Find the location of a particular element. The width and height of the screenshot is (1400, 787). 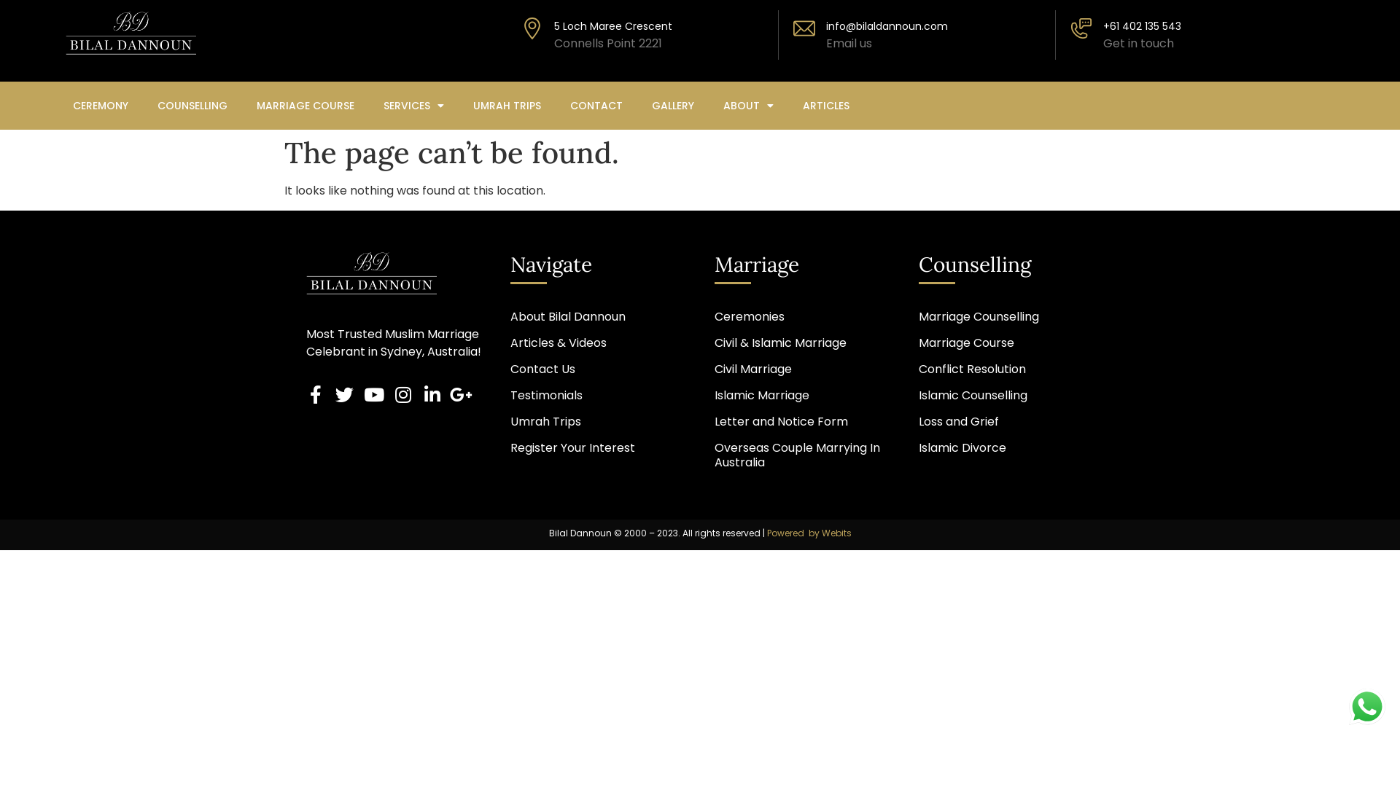

'Umrah Trips' is located at coordinates (598, 421).